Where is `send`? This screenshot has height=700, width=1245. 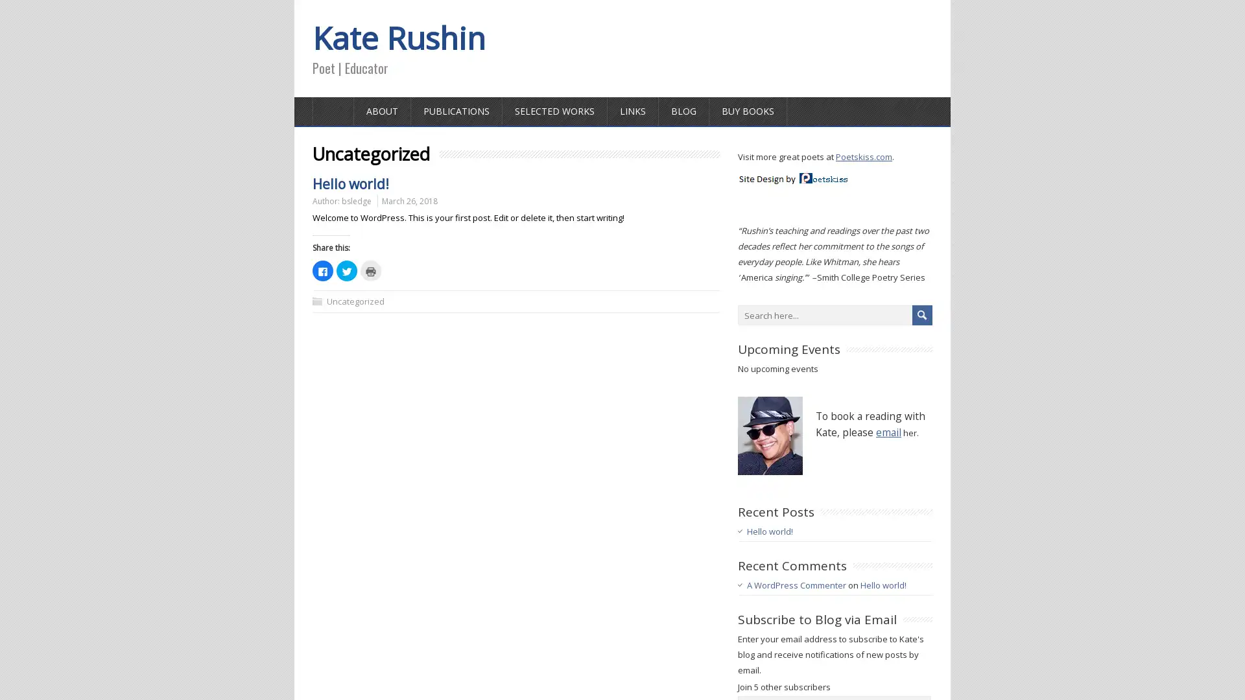 send is located at coordinates (921, 315).